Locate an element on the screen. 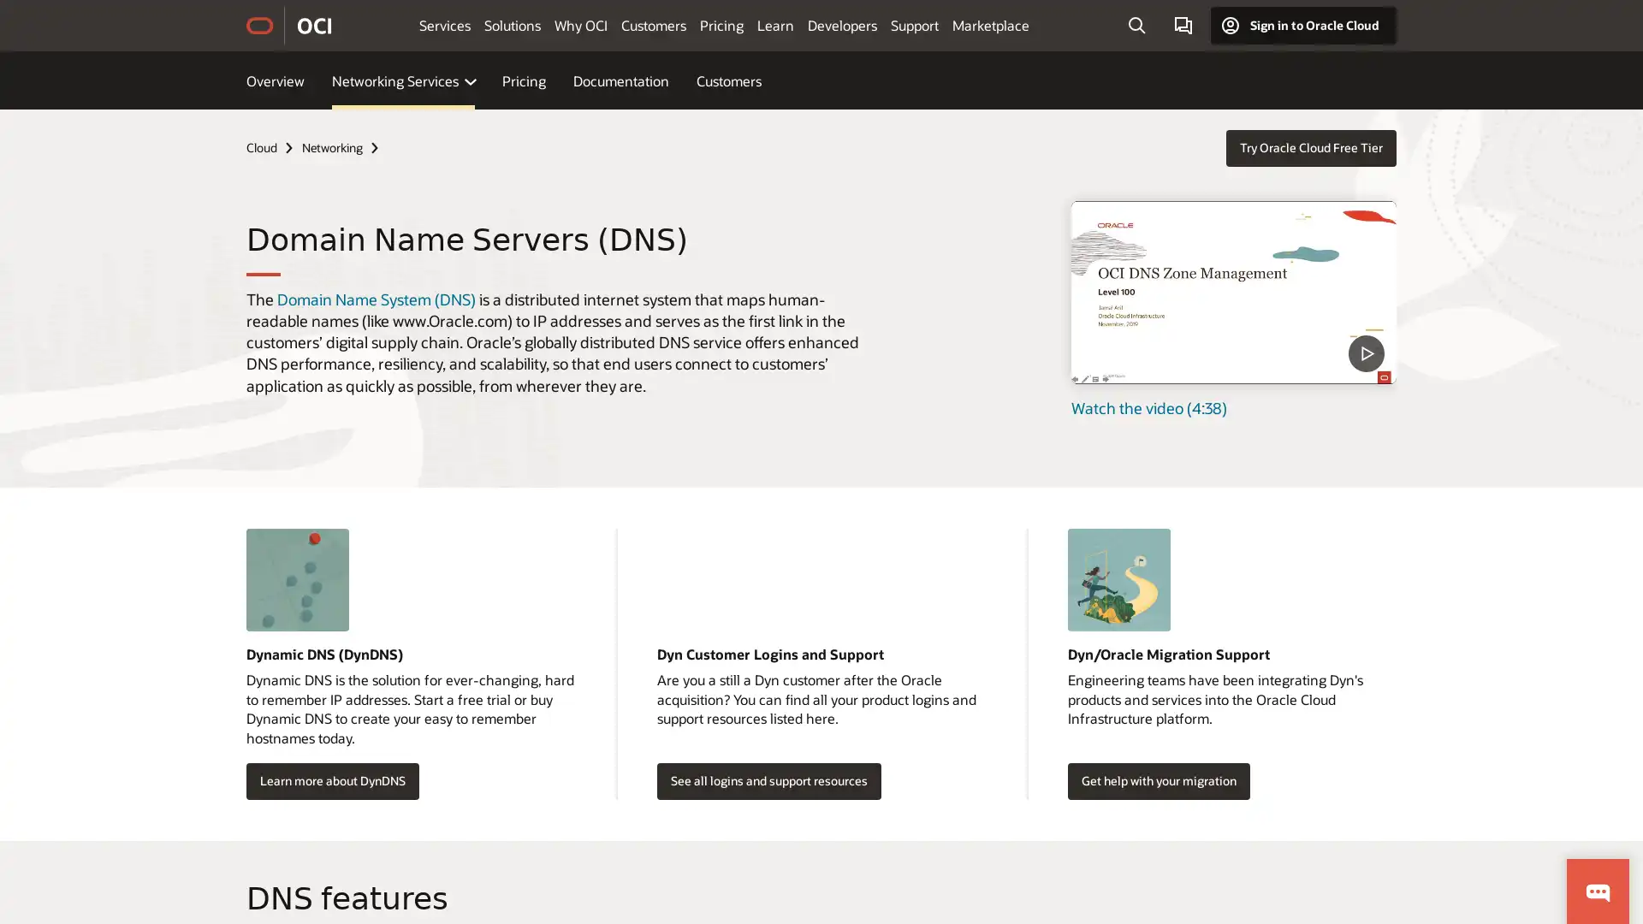 This screenshot has width=1643, height=924. Learn is located at coordinates (774, 25).